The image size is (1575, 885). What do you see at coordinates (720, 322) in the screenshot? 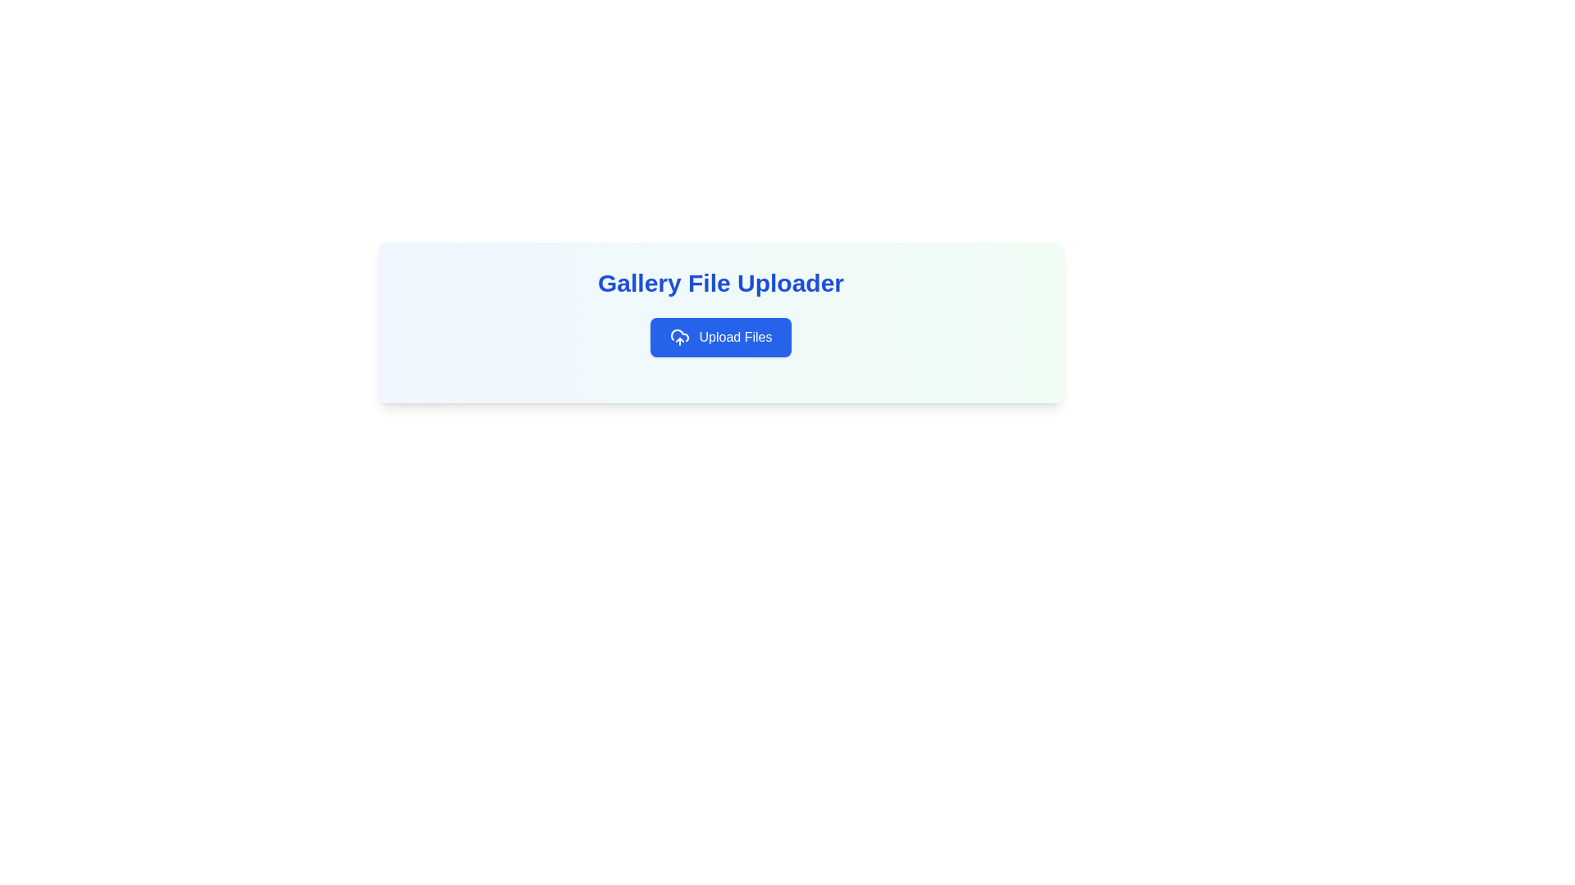
I see `the 'Upload Files' button in the Gallery File Uploader interface` at bounding box center [720, 322].